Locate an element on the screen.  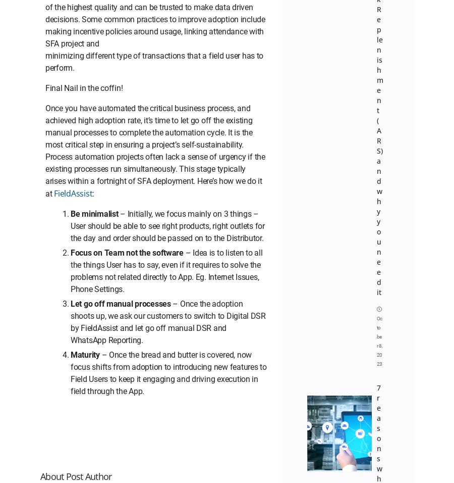
'About Us' is located at coordinates (224, 6).